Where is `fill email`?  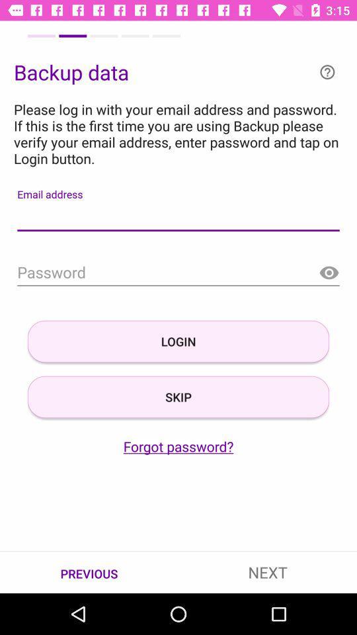 fill email is located at coordinates (178, 218).